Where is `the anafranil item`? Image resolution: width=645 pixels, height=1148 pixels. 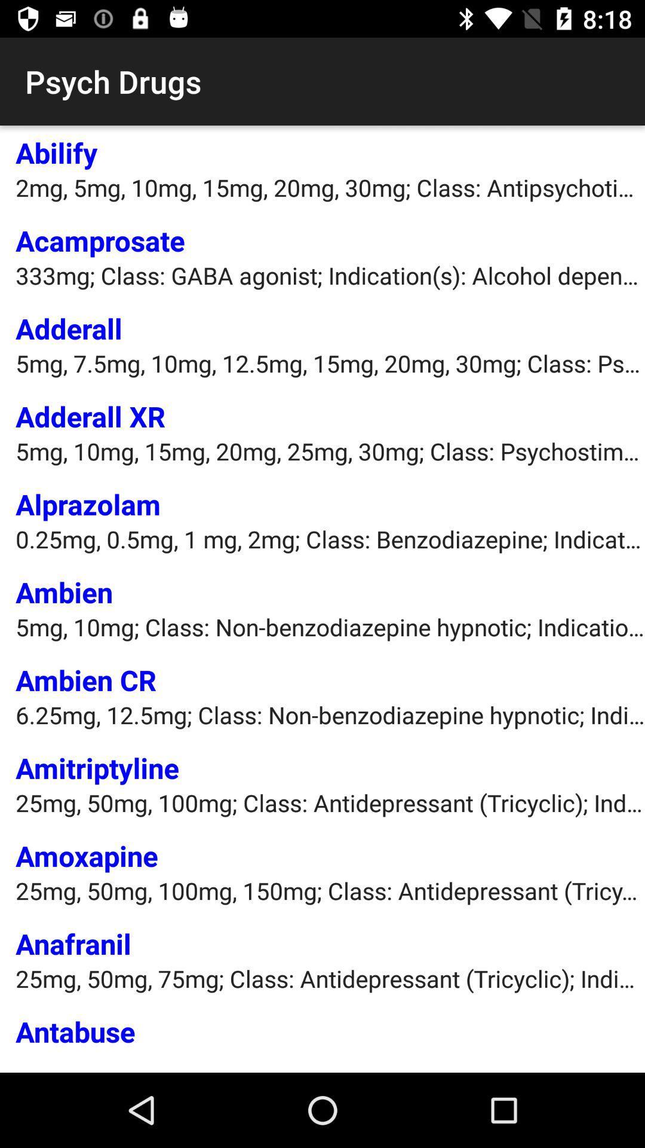 the anafranil item is located at coordinates (73, 943).